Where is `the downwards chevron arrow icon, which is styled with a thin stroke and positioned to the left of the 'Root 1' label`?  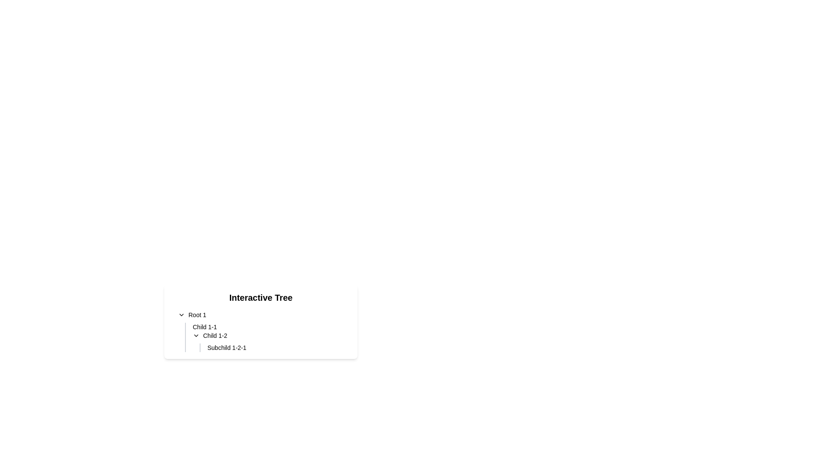
the downwards chevron arrow icon, which is styled with a thin stroke and positioned to the left of the 'Root 1' label is located at coordinates (181, 315).